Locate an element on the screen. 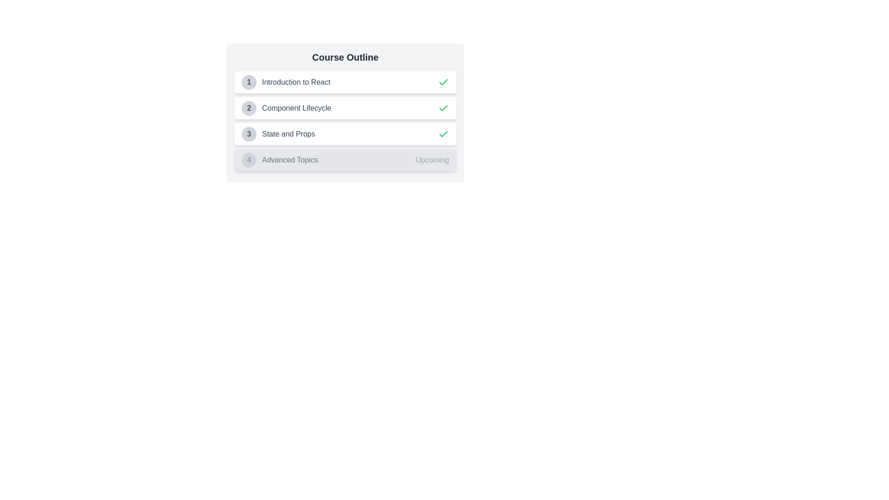  the completed module titled 'Component Lifecycle' in the course outline is located at coordinates (344, 108).